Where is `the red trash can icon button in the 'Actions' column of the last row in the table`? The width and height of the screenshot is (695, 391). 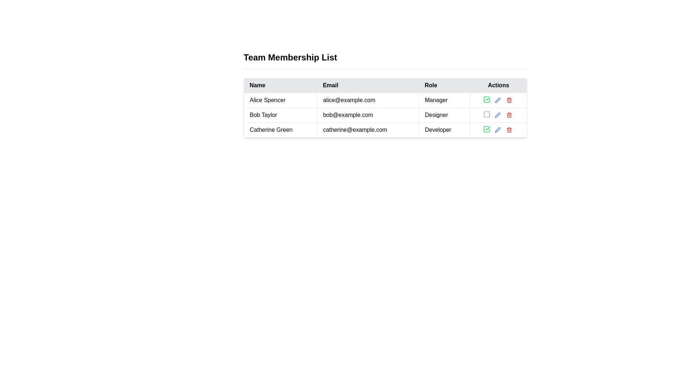
the red trash can icon button in the 'Actions' column of the last row in the table is located at coordinates (509, 129).